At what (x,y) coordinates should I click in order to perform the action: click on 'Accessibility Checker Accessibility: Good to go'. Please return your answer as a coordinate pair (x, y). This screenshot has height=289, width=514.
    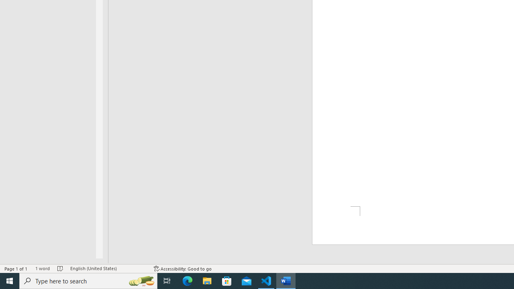
    Looking at the image, I should click on (182, 269).